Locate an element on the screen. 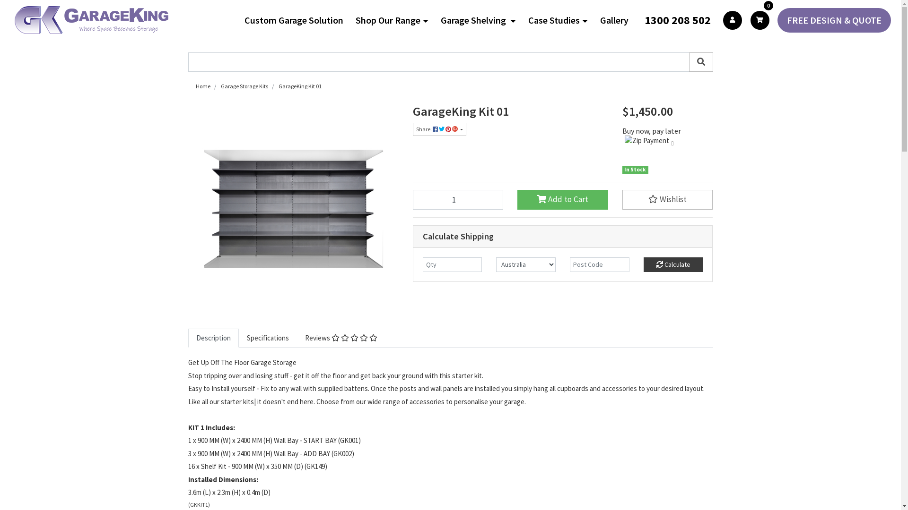 Image resolution: width=908 pixels, height=510 pixels. 'FREE DESIGN & QUOTE' is located at coordinates (834, 20).